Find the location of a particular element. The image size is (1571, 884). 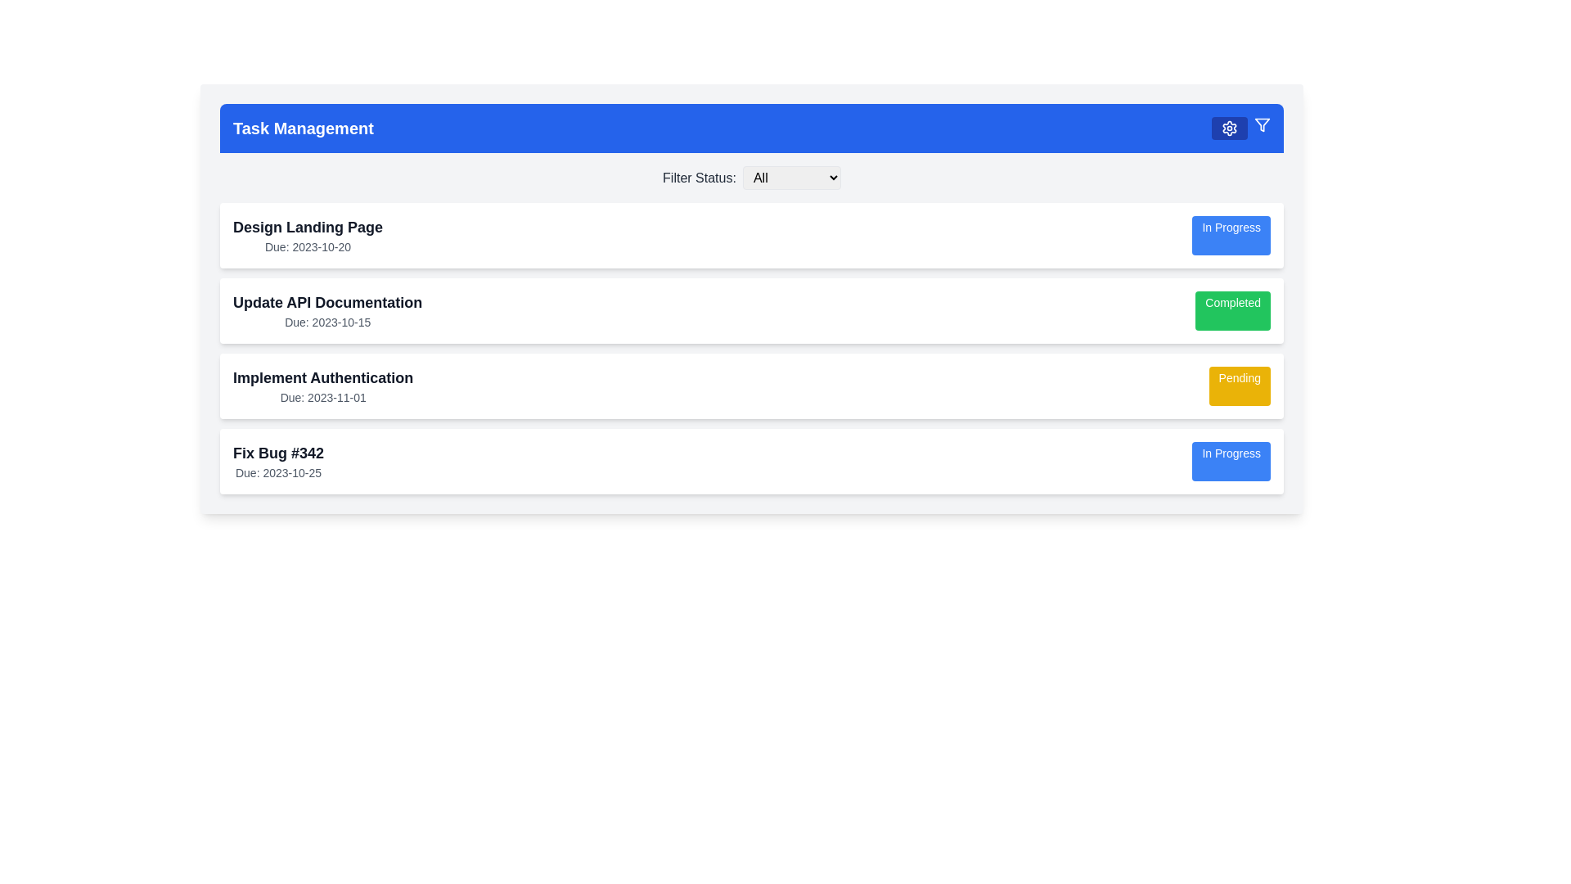

the cog-like settings icon located in the top-right corner of the interface is located at coordinates (1229, 128).